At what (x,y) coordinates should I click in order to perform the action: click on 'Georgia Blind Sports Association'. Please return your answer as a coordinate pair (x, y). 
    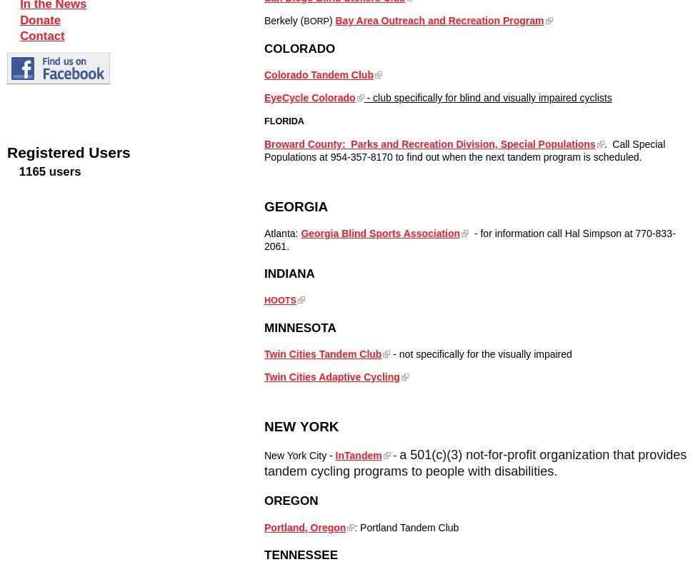
    Looking at the image, I should click on (380, 231).